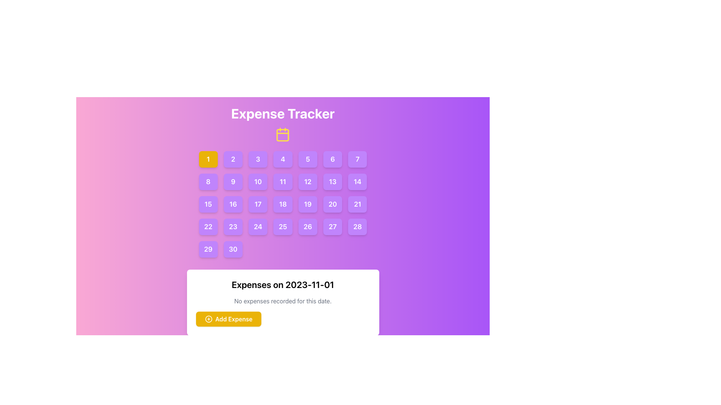 The height and width of the screenshot is (405, 721). Describe the element at coordinates (282, 226) in the screenshot. I see `the button representing the 25th day in the calendar view` at that location.